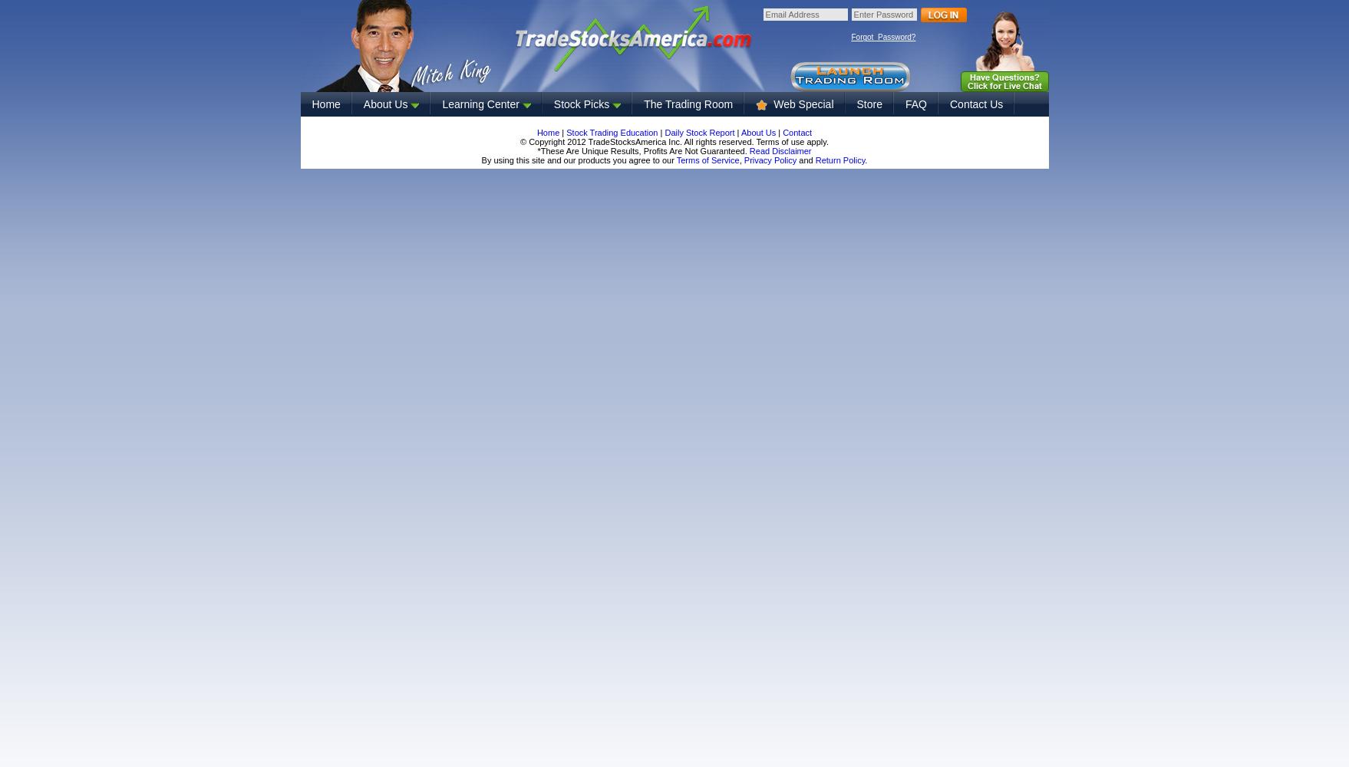 The height and width of the screenshot is (767, 1349). Describe the element at coordinates (780, 150) in the screenshot. I see `'Read Disclaimer'` at that location.